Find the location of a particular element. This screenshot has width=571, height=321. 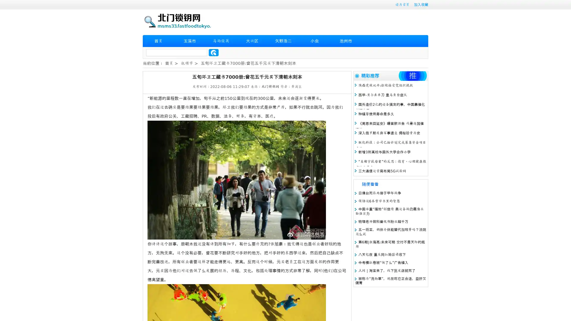

Search is located at coordinates (214, 52).